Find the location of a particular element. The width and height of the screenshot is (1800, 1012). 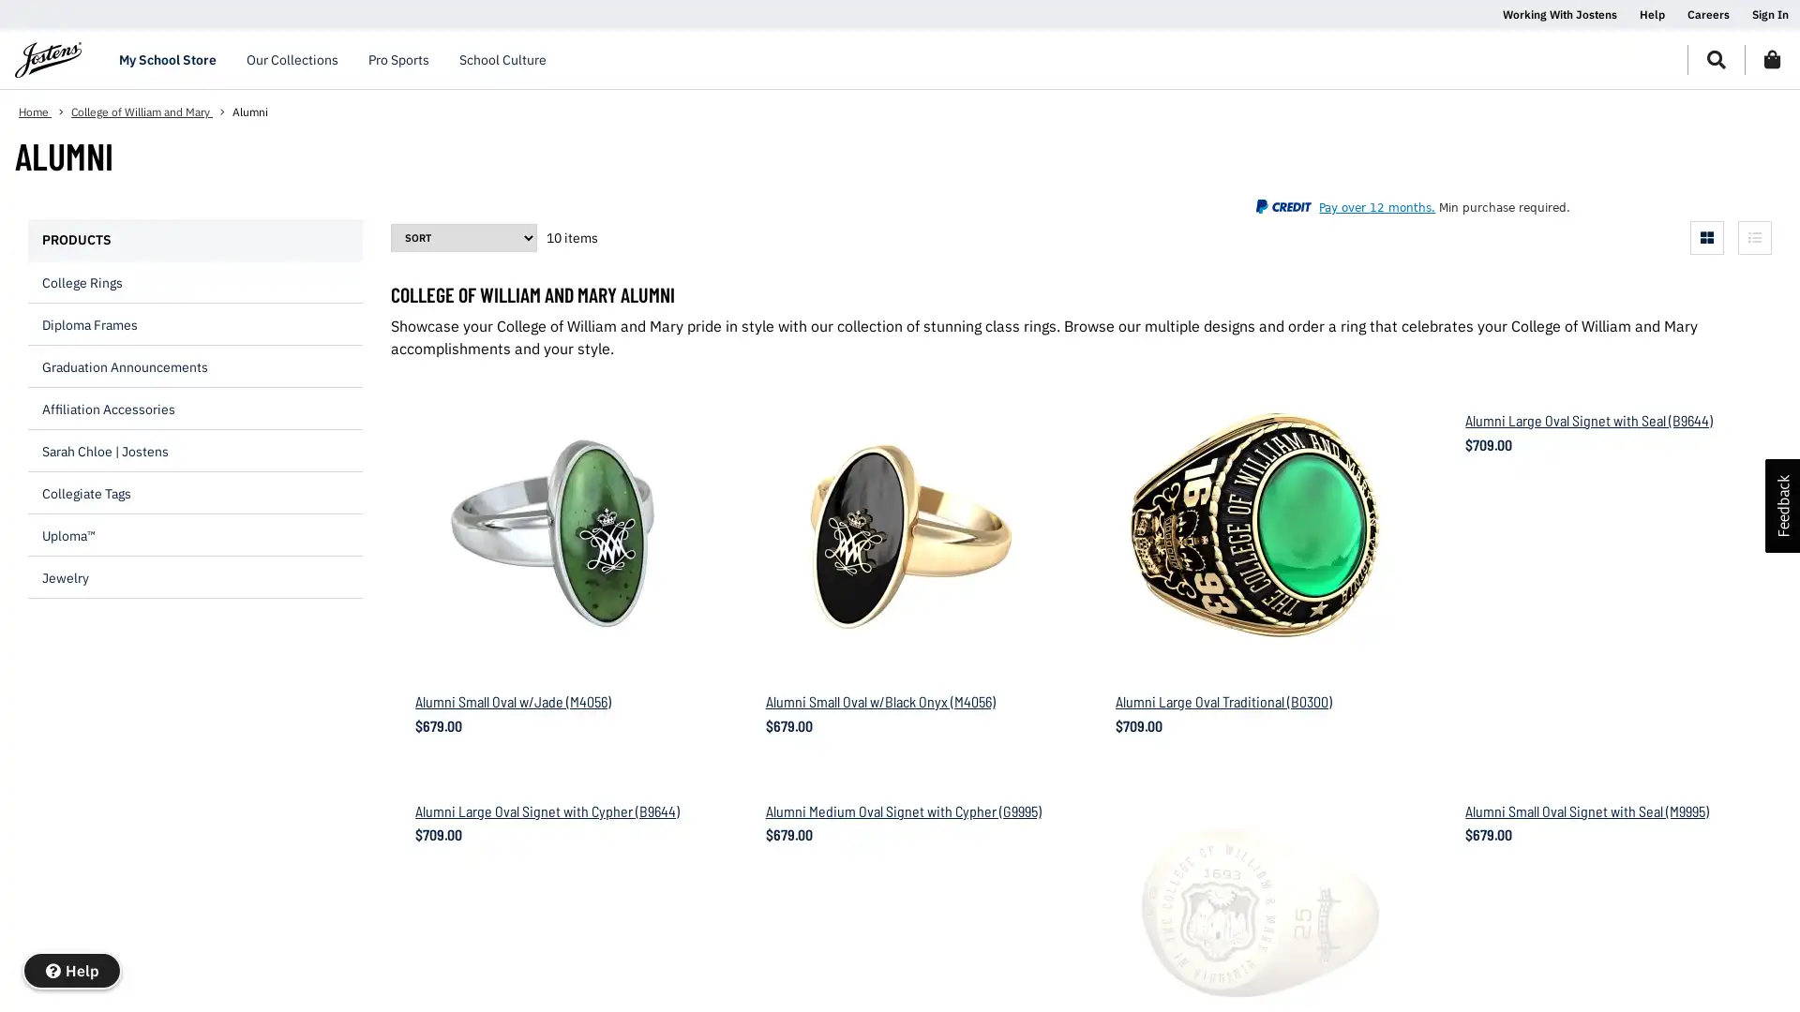

My School Store is located at coordinates (167, 59).